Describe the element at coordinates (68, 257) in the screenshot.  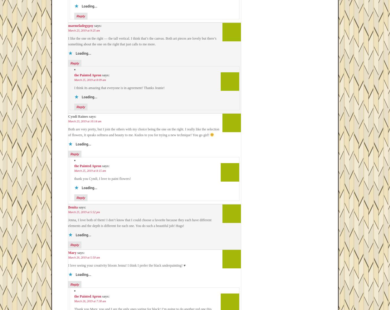
I see `'March 26, 2019 at 5:50 am'` at that location.